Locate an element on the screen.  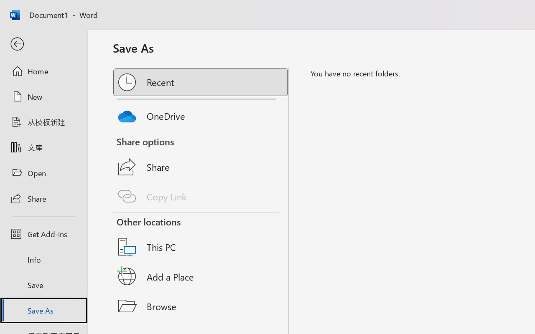
'Save As' is located at coordinates (43, 310).